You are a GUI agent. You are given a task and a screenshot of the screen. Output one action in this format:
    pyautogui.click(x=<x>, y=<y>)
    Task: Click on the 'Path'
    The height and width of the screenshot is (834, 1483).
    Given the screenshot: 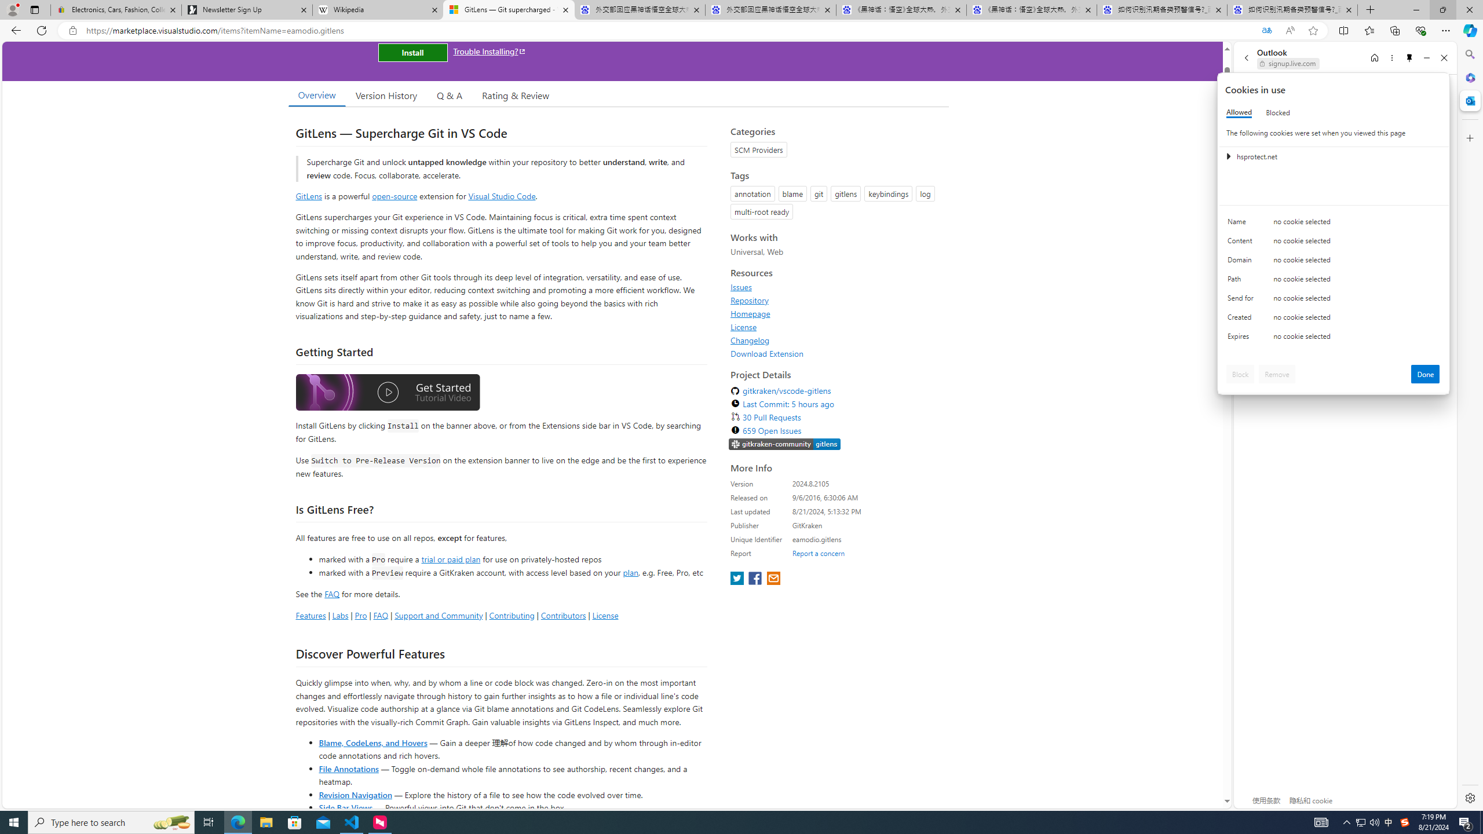 What is the action you would take?
    pyautogui.click(x=1242, y=281)
    